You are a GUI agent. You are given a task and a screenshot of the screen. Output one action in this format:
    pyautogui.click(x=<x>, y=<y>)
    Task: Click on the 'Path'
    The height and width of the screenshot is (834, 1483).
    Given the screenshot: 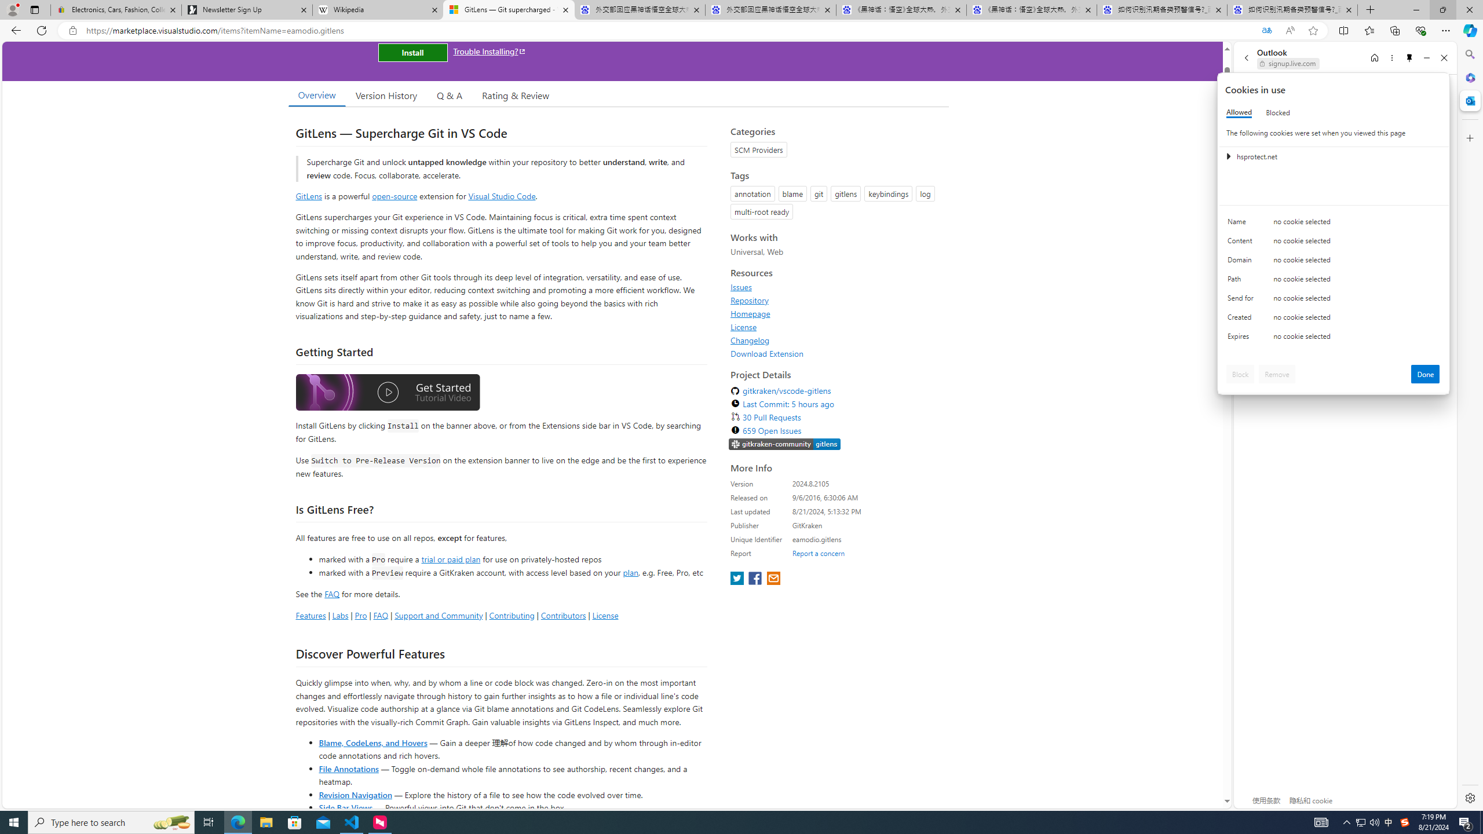 What is the action you would take?
    pyautogui.click(x=1242, y=281)
    